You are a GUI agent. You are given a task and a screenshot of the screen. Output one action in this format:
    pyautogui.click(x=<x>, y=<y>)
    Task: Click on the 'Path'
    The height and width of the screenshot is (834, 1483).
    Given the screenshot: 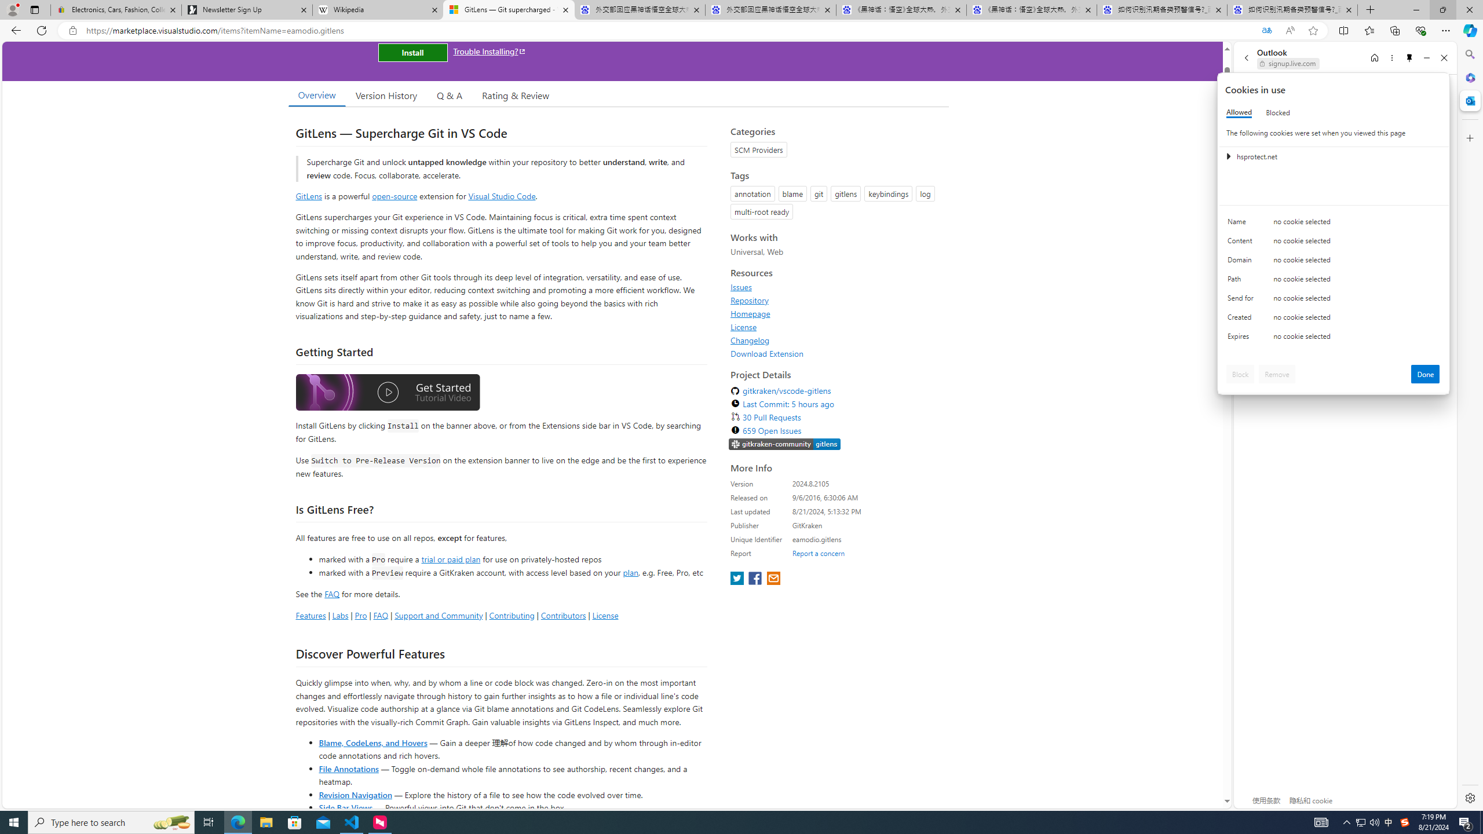 What is the action you would take?
    pyautogui.click(x=1242, y=281)
    